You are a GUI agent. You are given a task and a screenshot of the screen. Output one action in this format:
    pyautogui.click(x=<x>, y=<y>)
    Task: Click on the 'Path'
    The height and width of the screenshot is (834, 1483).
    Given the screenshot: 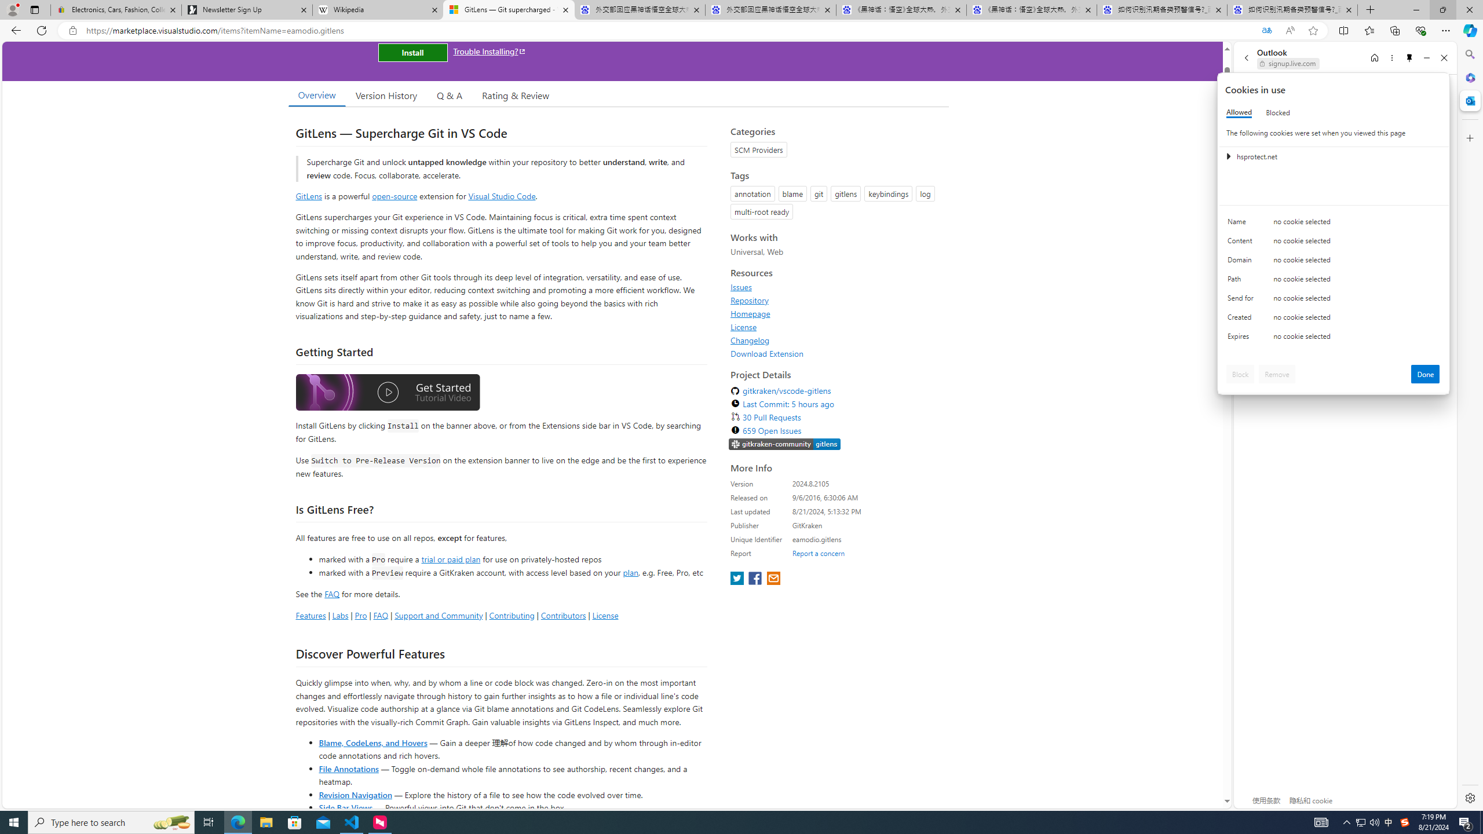 What is the action you would take?
    pyautogui.click(x=1242, y=281)
    